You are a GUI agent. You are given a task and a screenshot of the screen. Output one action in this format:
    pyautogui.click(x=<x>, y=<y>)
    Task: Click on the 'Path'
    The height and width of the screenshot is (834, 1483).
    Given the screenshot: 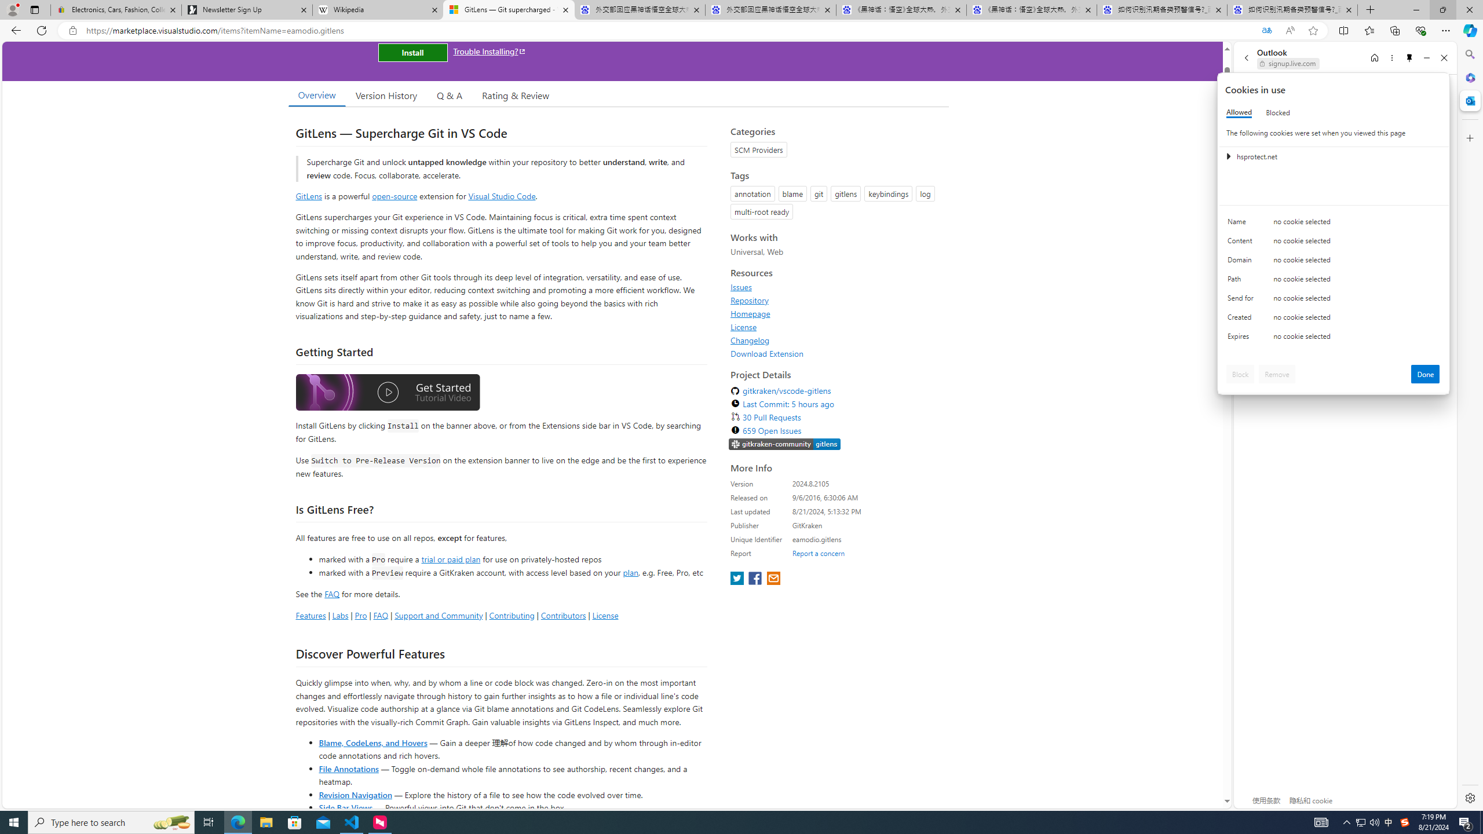 What is the action you would take?
    pyautogui.click(x=1242, y=281)
    